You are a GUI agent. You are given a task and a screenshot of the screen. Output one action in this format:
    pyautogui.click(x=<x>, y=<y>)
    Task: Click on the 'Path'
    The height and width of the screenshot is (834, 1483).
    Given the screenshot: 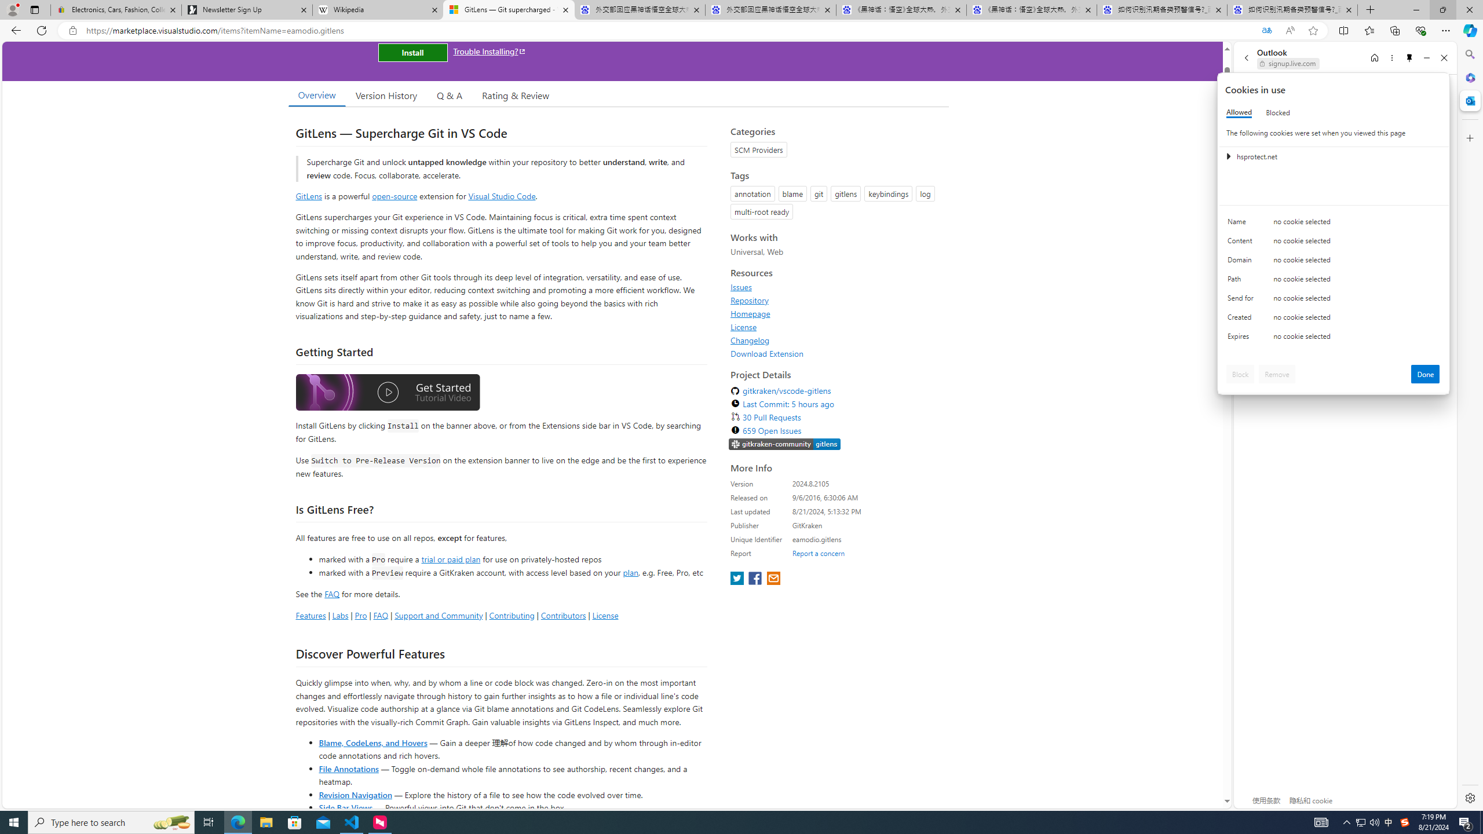 What is the action you would take?
    pyautogui.click(x=1242, y=281)
    